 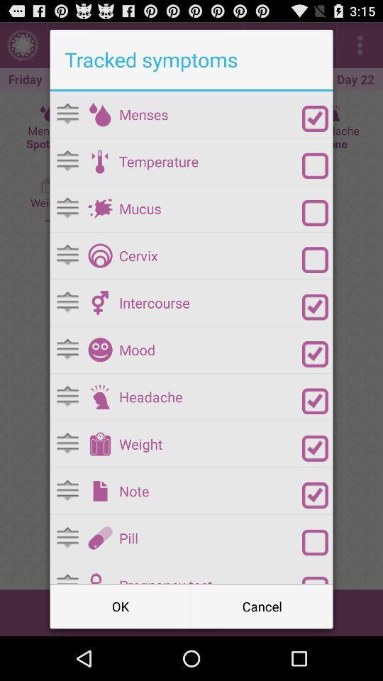 I want to click on the app above the weight item, so click(x=210, y=397).